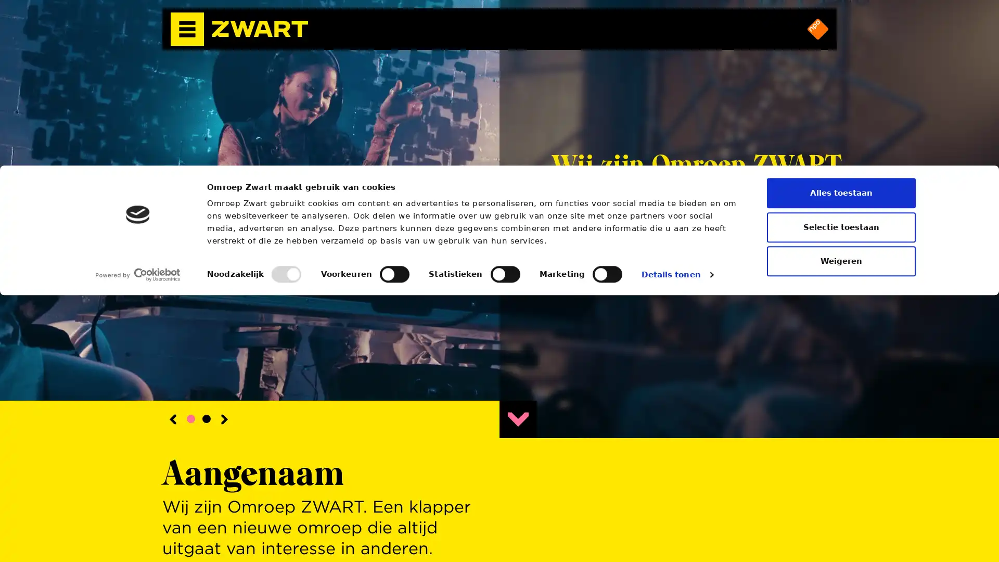 The image size is (999, 562). What do you see at coordinates (841, 528) in the screenshot?
I see `Weigeren` at bounding box center [841, 528].